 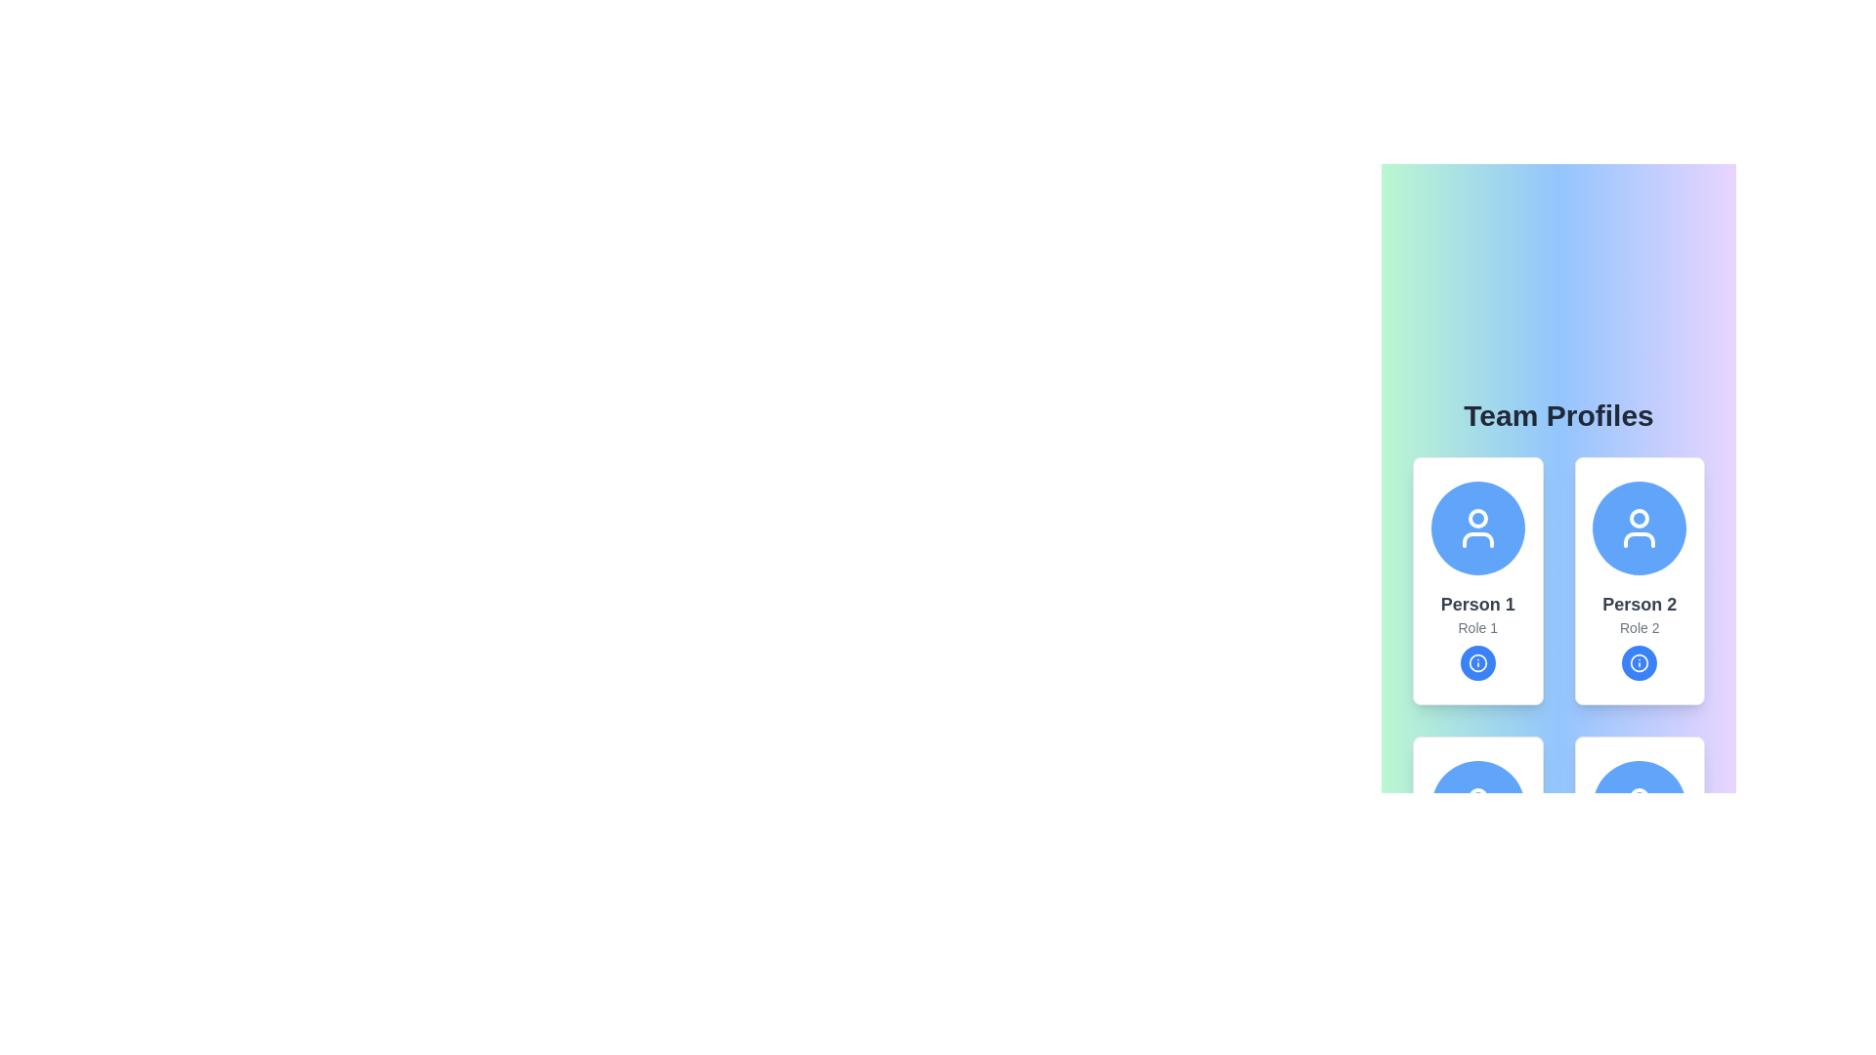 I want to click on the user icon SVG element, which is contained within a circular blue background and located in the first card of the 'Team Profiles' section, so click(x=1477, y=527).